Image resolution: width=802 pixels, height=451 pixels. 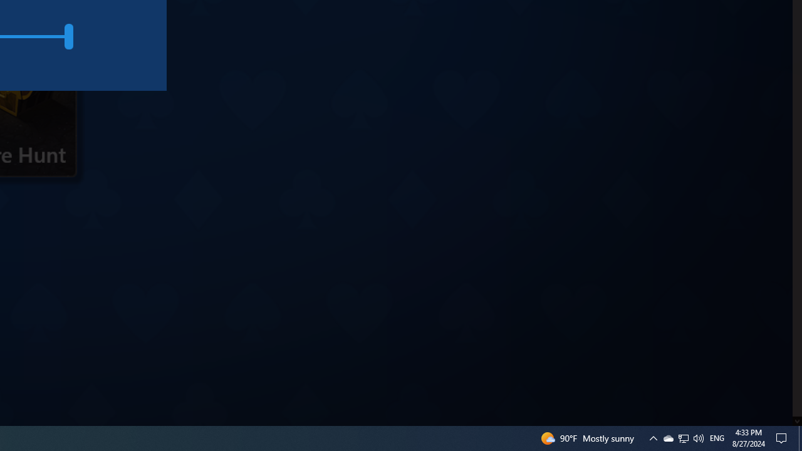 I want to click on 'AutomationID: down_arrow_0', so click(x=796, y=421).